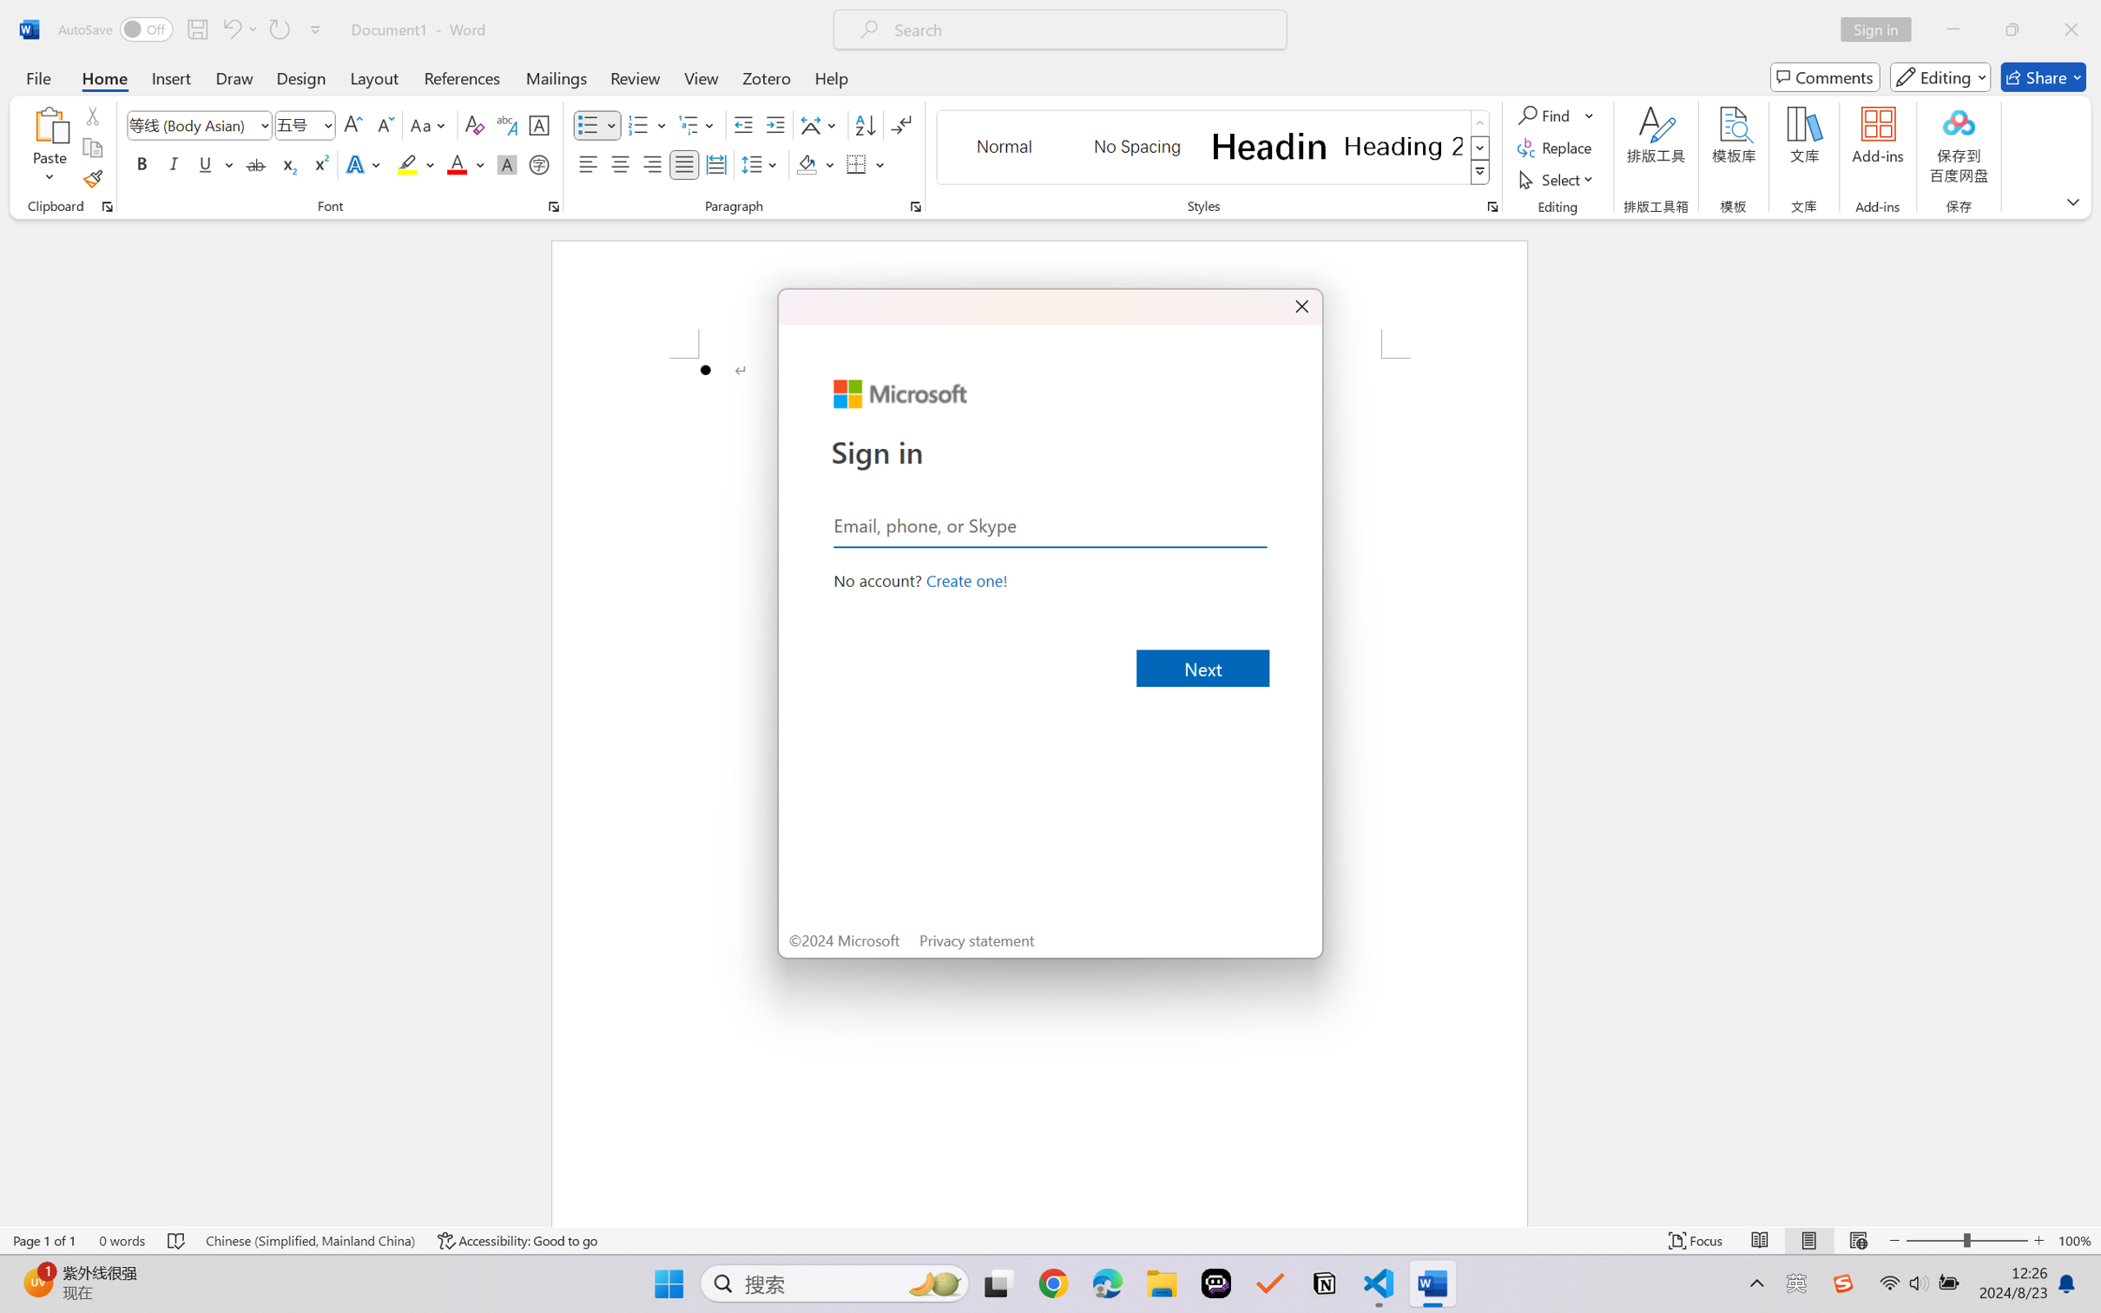  What do you see at coordinates (278, 29) in the screenshot?
I see `'Repeat Bullet Default'` at bounding box center [278, 29].